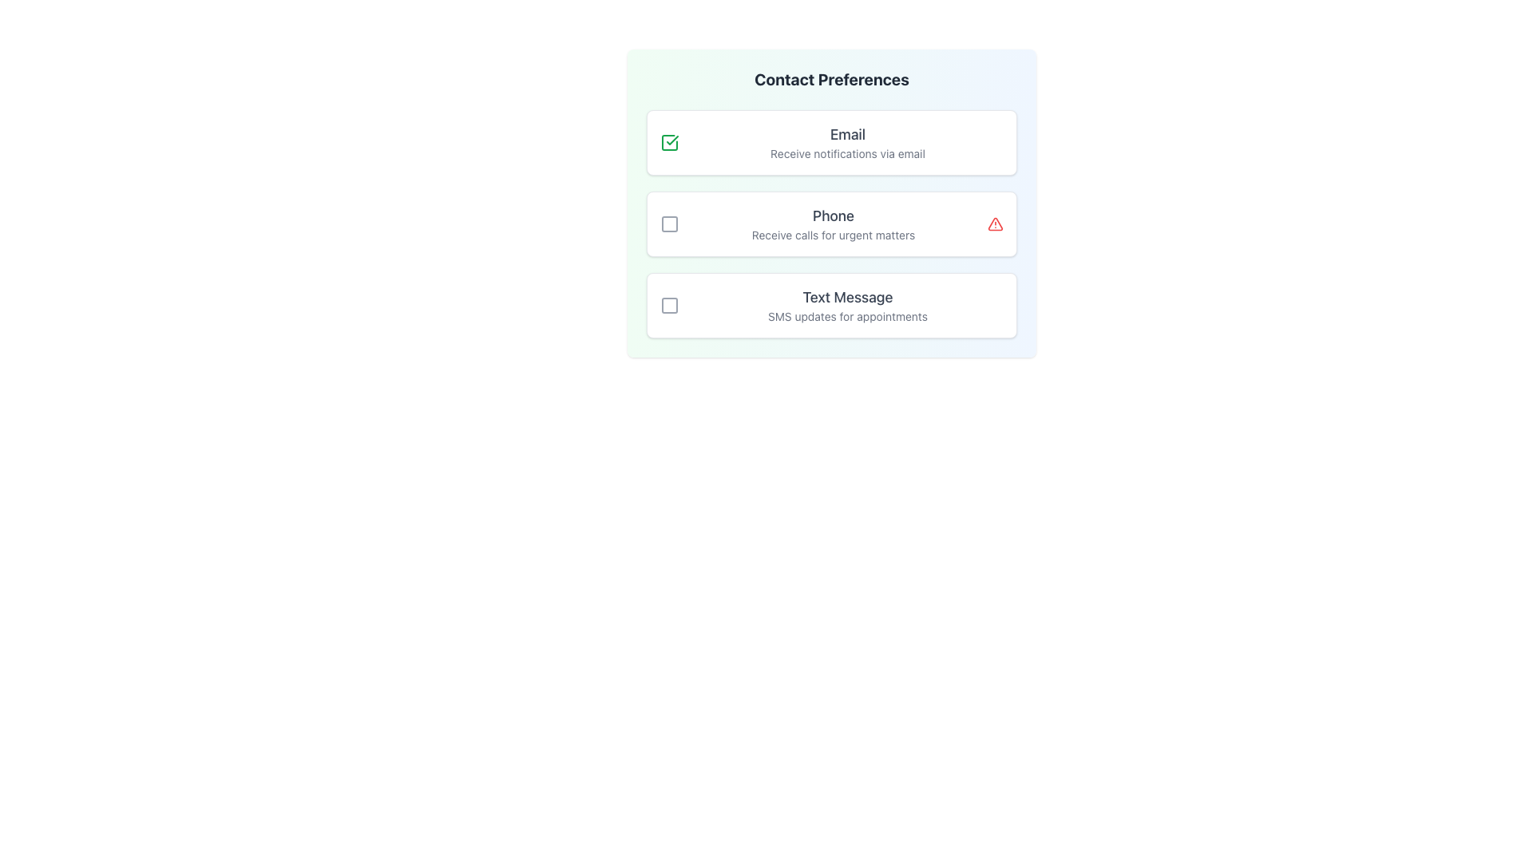  I want to click on the explanatory static text label located beneath the 'Phone' label in the contact preferences section, so click(832, 235).